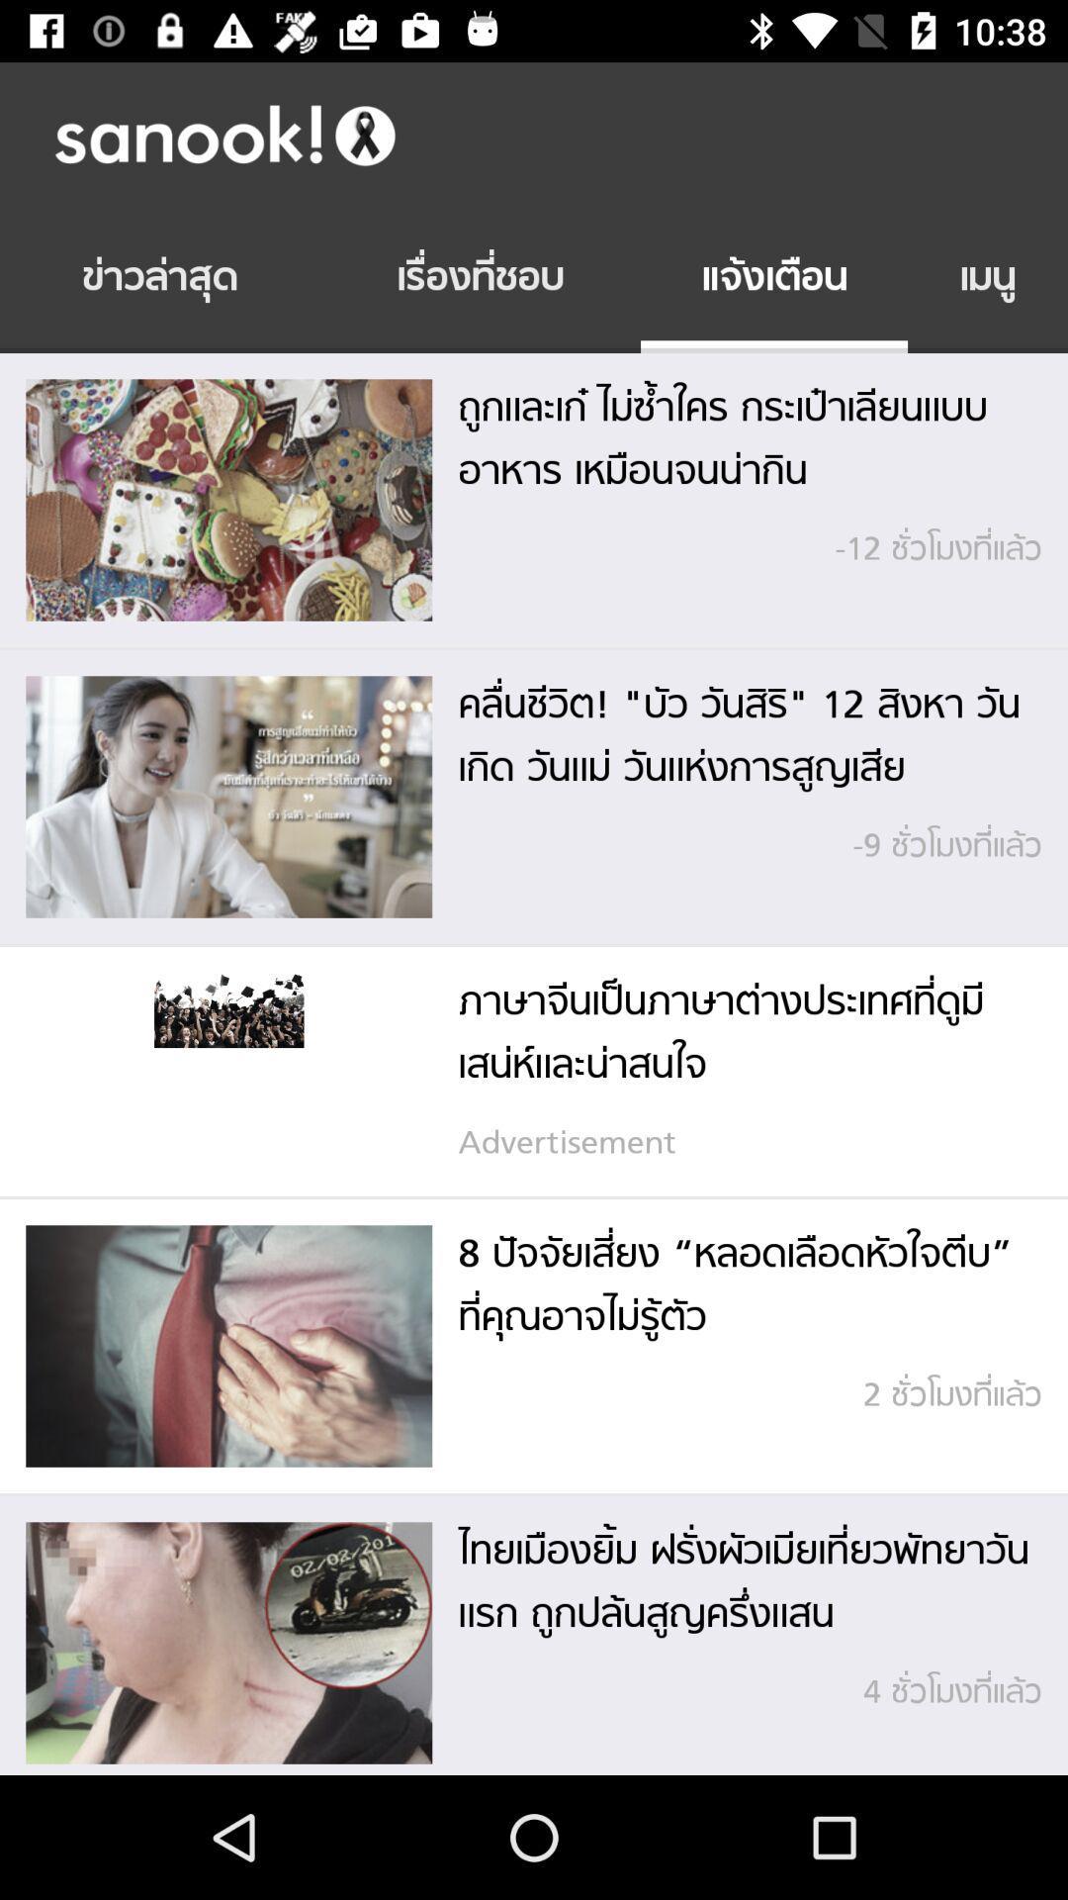  Describe the element at coordinates (737, 1144) in the screenshot. I see `advertisement item` at that location.